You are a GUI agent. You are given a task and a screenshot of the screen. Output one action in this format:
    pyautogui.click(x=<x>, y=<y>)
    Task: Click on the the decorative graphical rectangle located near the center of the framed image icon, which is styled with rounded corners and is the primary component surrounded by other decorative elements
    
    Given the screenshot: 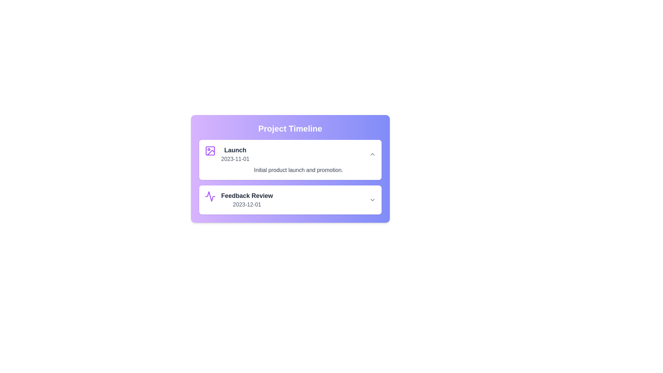 What is the action you would take?
    pyautogui.click(x=210, y=150)
    